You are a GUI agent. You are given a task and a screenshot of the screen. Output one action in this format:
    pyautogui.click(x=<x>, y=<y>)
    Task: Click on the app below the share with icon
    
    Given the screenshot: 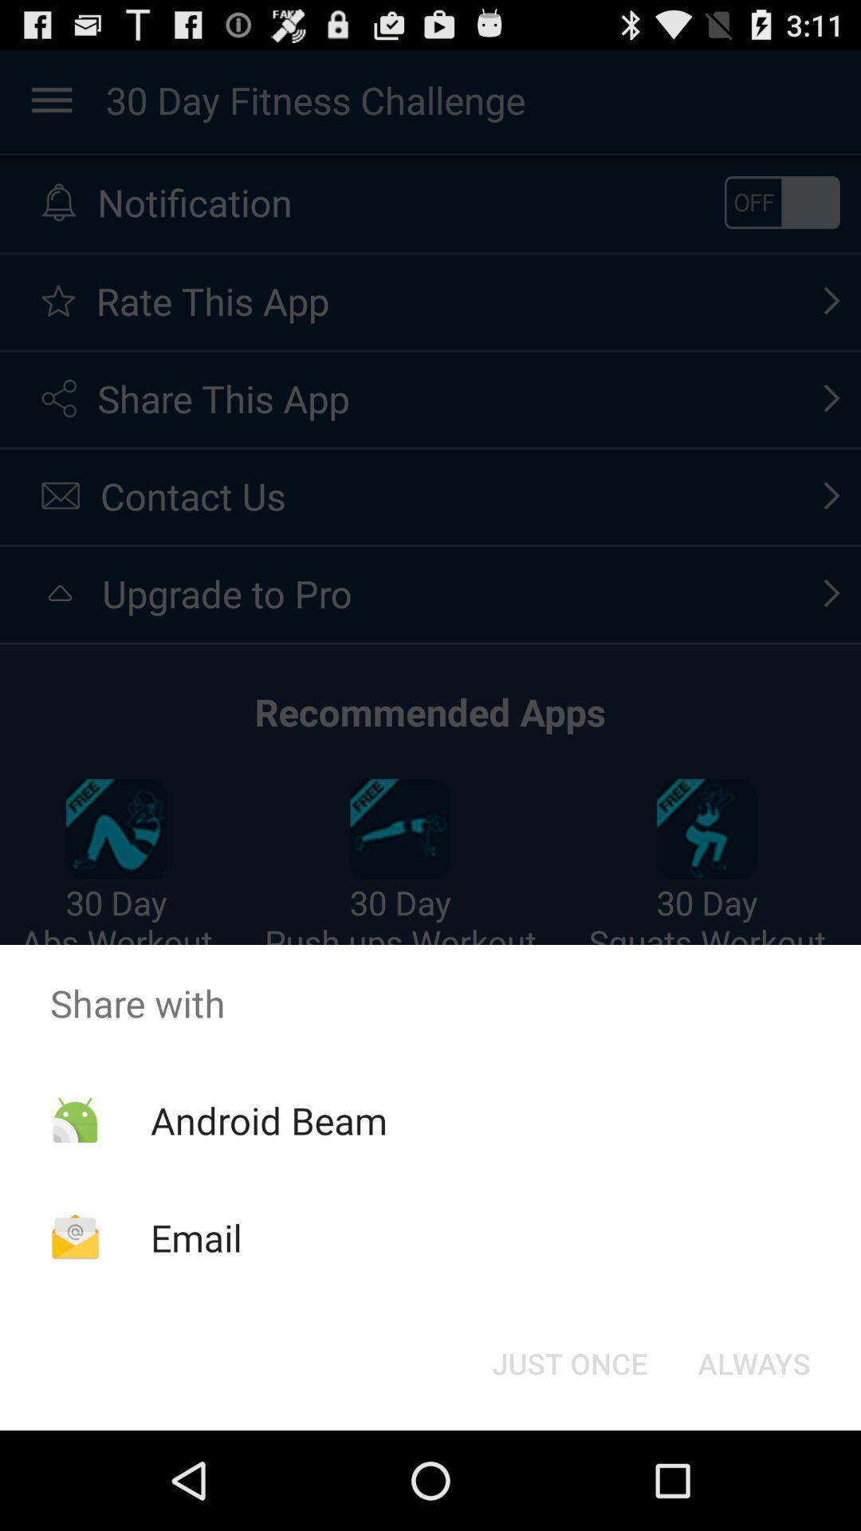 What is the action you would take?
    pyautogui.click(x=268, y=1120)
    